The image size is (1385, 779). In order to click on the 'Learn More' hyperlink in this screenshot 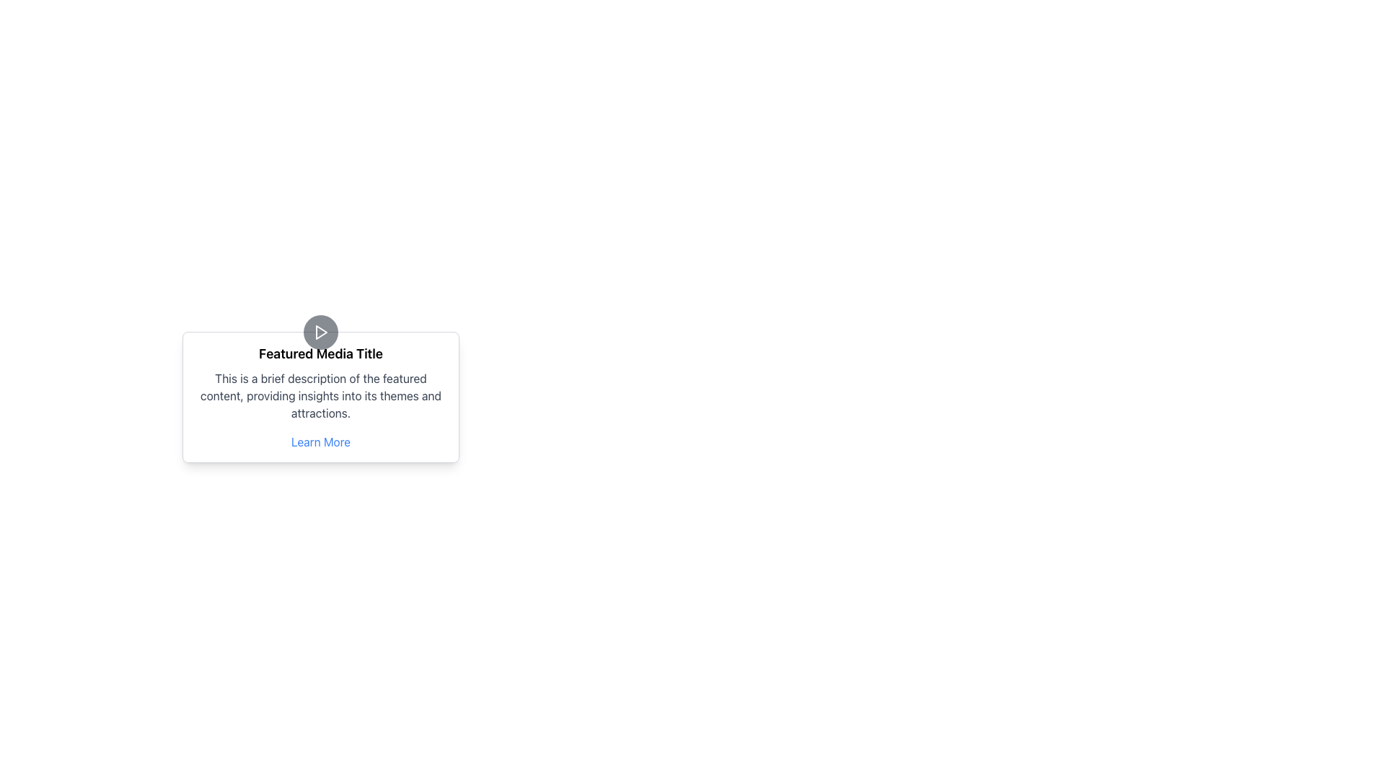, I will do `click(320, 441)`.